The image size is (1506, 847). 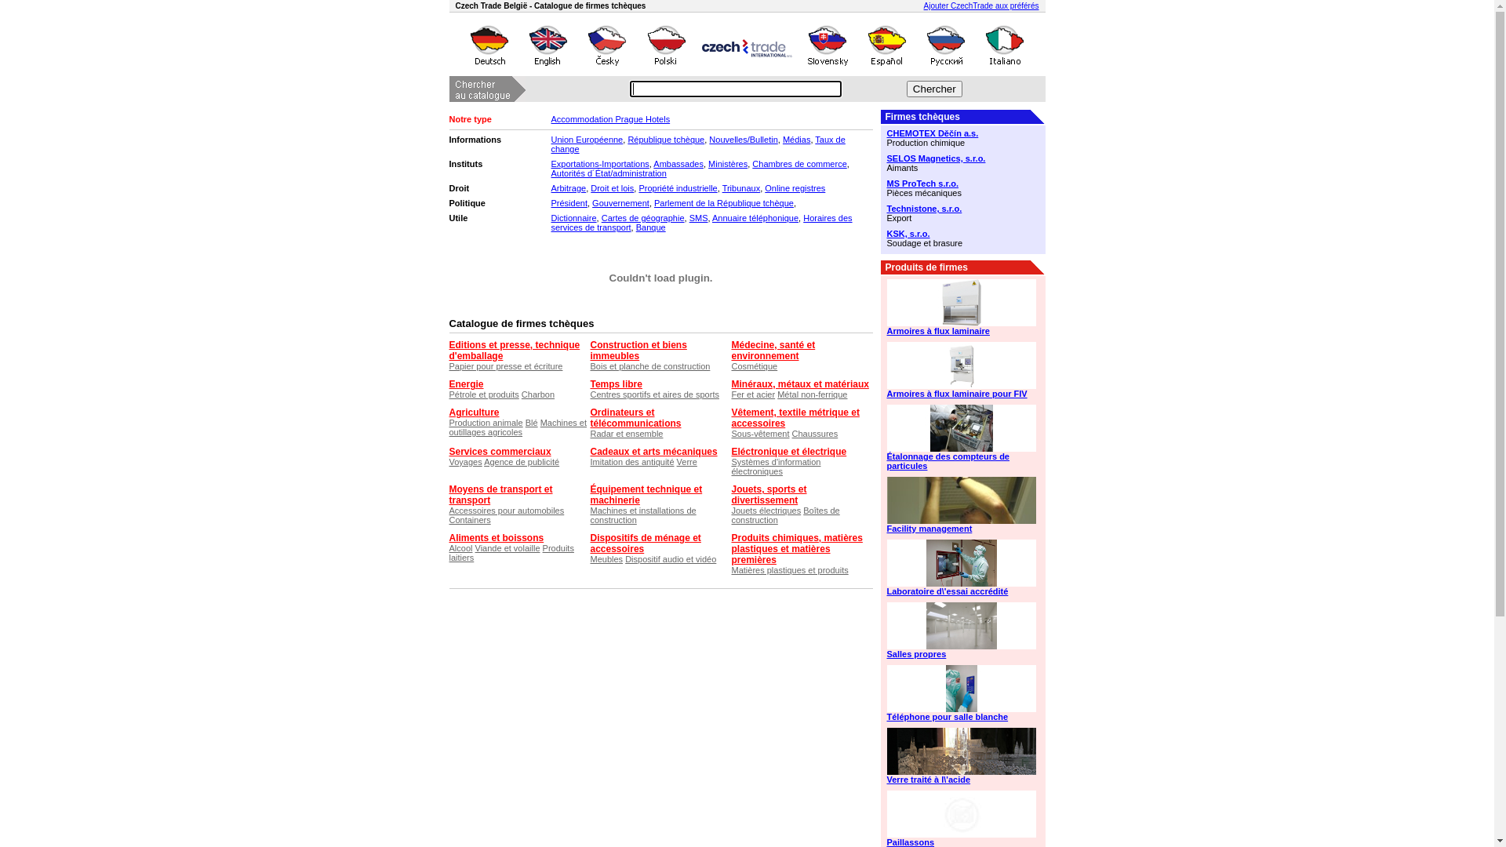 I want to click on 'Dictionnaire', so click(x=572, y=217).